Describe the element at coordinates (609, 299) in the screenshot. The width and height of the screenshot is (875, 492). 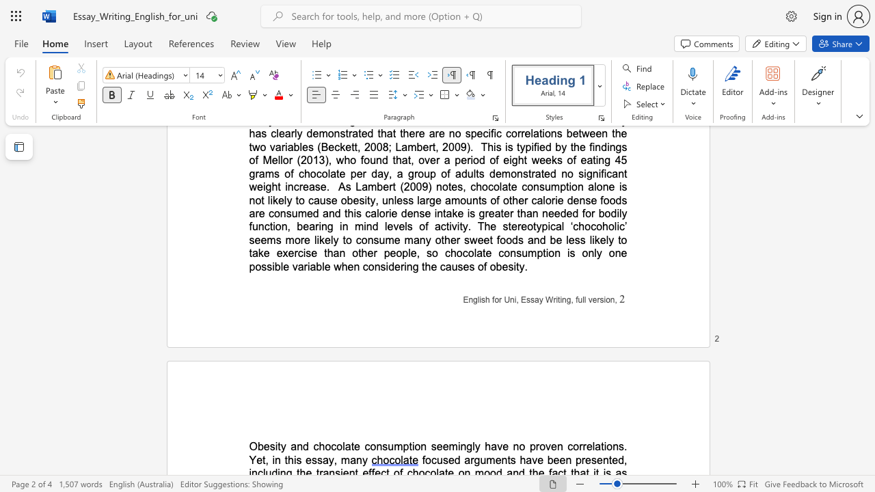
I see `the subset text "n," within the text "English for Uni, Essay Writing, full version,"` at that location.